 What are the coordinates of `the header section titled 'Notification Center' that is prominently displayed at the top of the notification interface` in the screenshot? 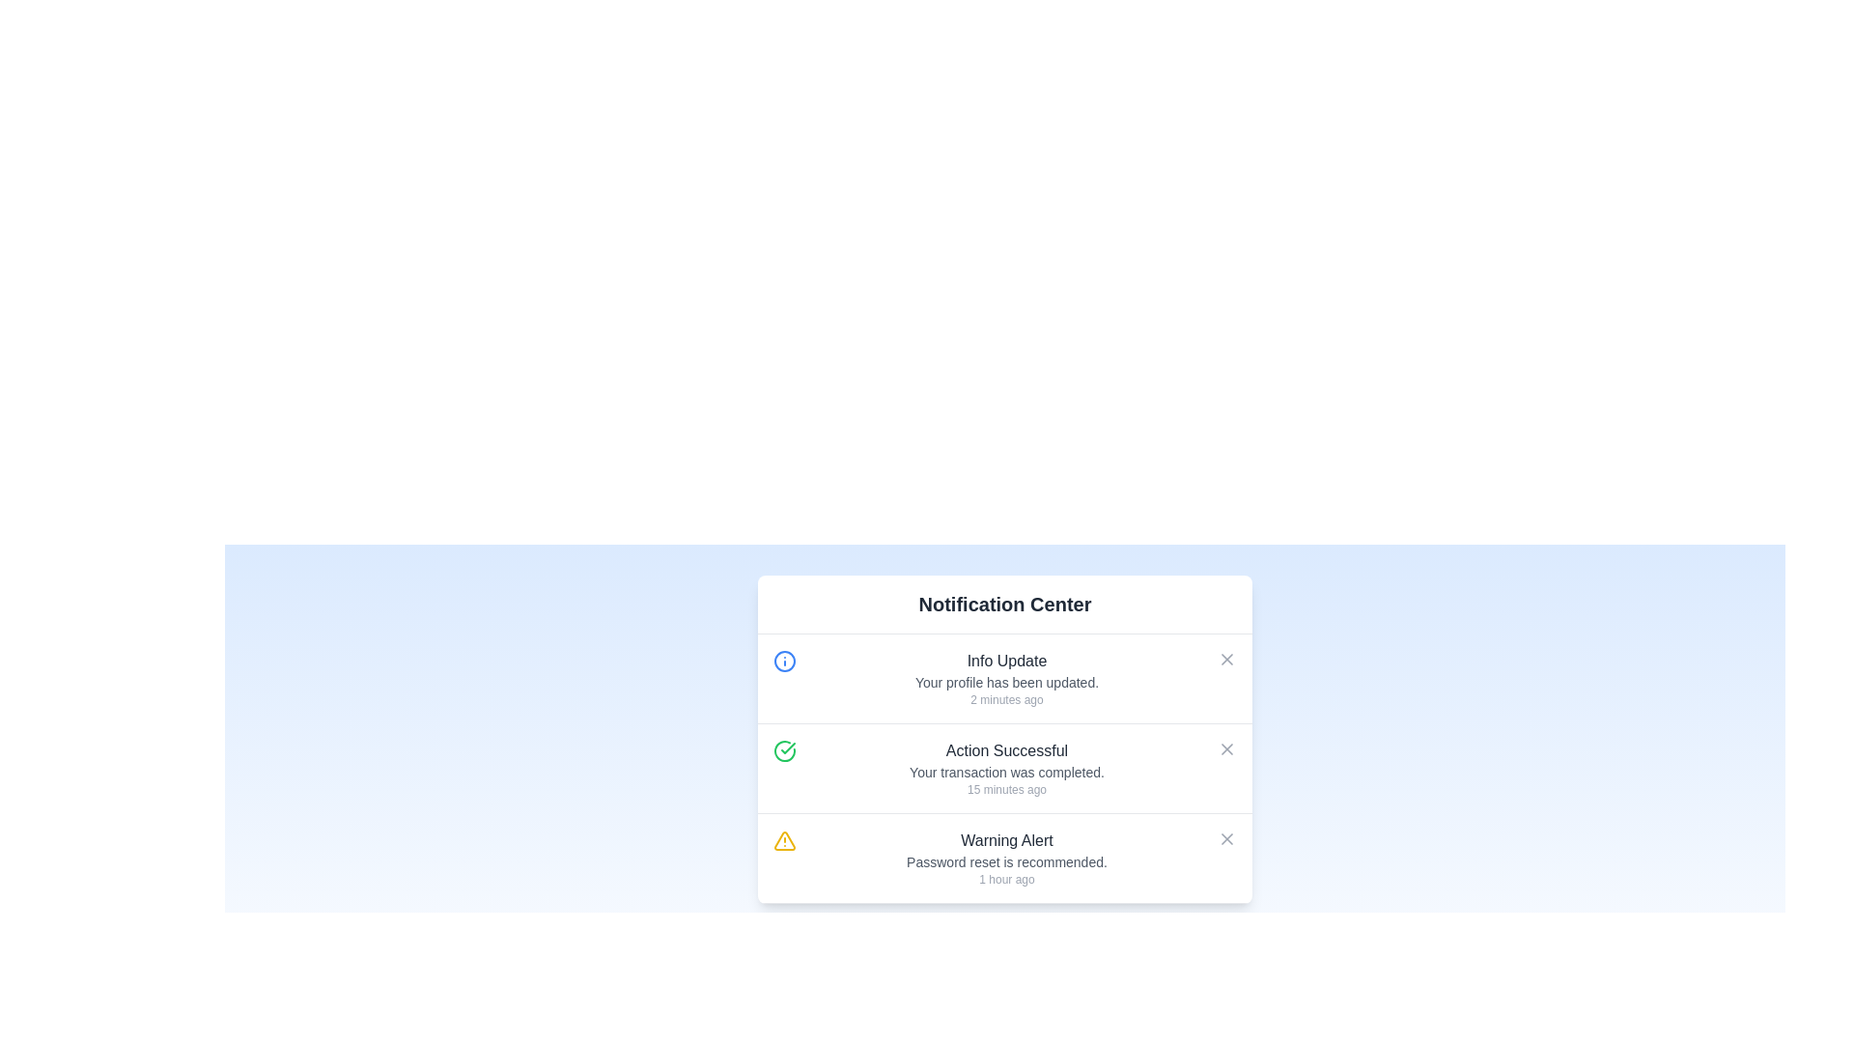 It's located at (1004, 604).